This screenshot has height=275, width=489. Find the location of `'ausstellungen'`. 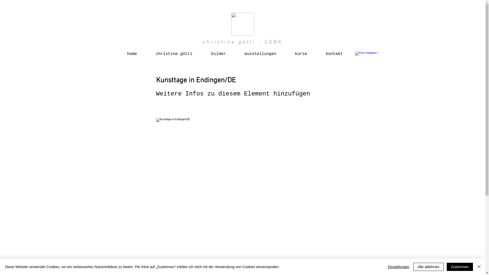

'ausstellungen' is located at coordinates (235, 52).